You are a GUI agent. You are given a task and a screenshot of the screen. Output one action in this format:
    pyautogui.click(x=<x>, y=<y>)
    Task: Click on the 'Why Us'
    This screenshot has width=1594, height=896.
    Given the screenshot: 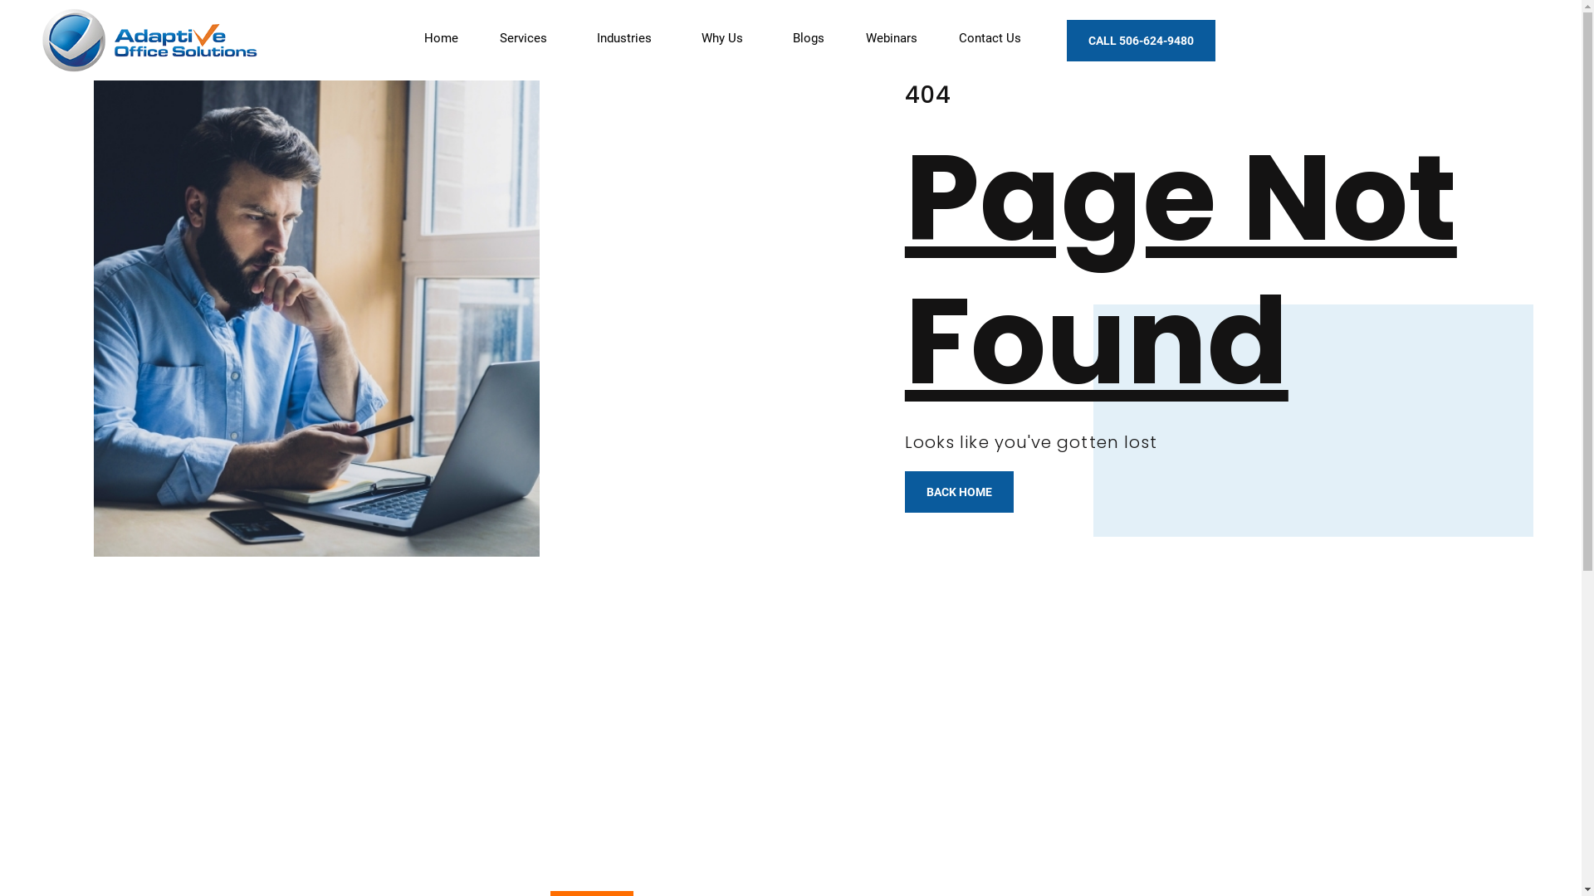 What is the action you would take?
    pyautogui.click(x=726, y=37)
    